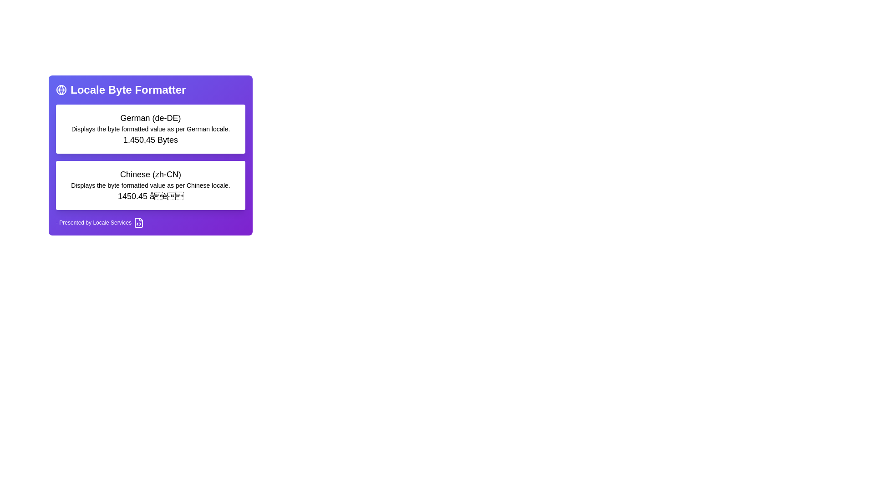 The image size is (874, 491). Describe the element at coordinates (61, 90) in the screenshot. I see `the narrow, curved line representing a semi-elliptical shape within the globe icon on the purple card titled 'Locale Byte Formatter'` at that location.